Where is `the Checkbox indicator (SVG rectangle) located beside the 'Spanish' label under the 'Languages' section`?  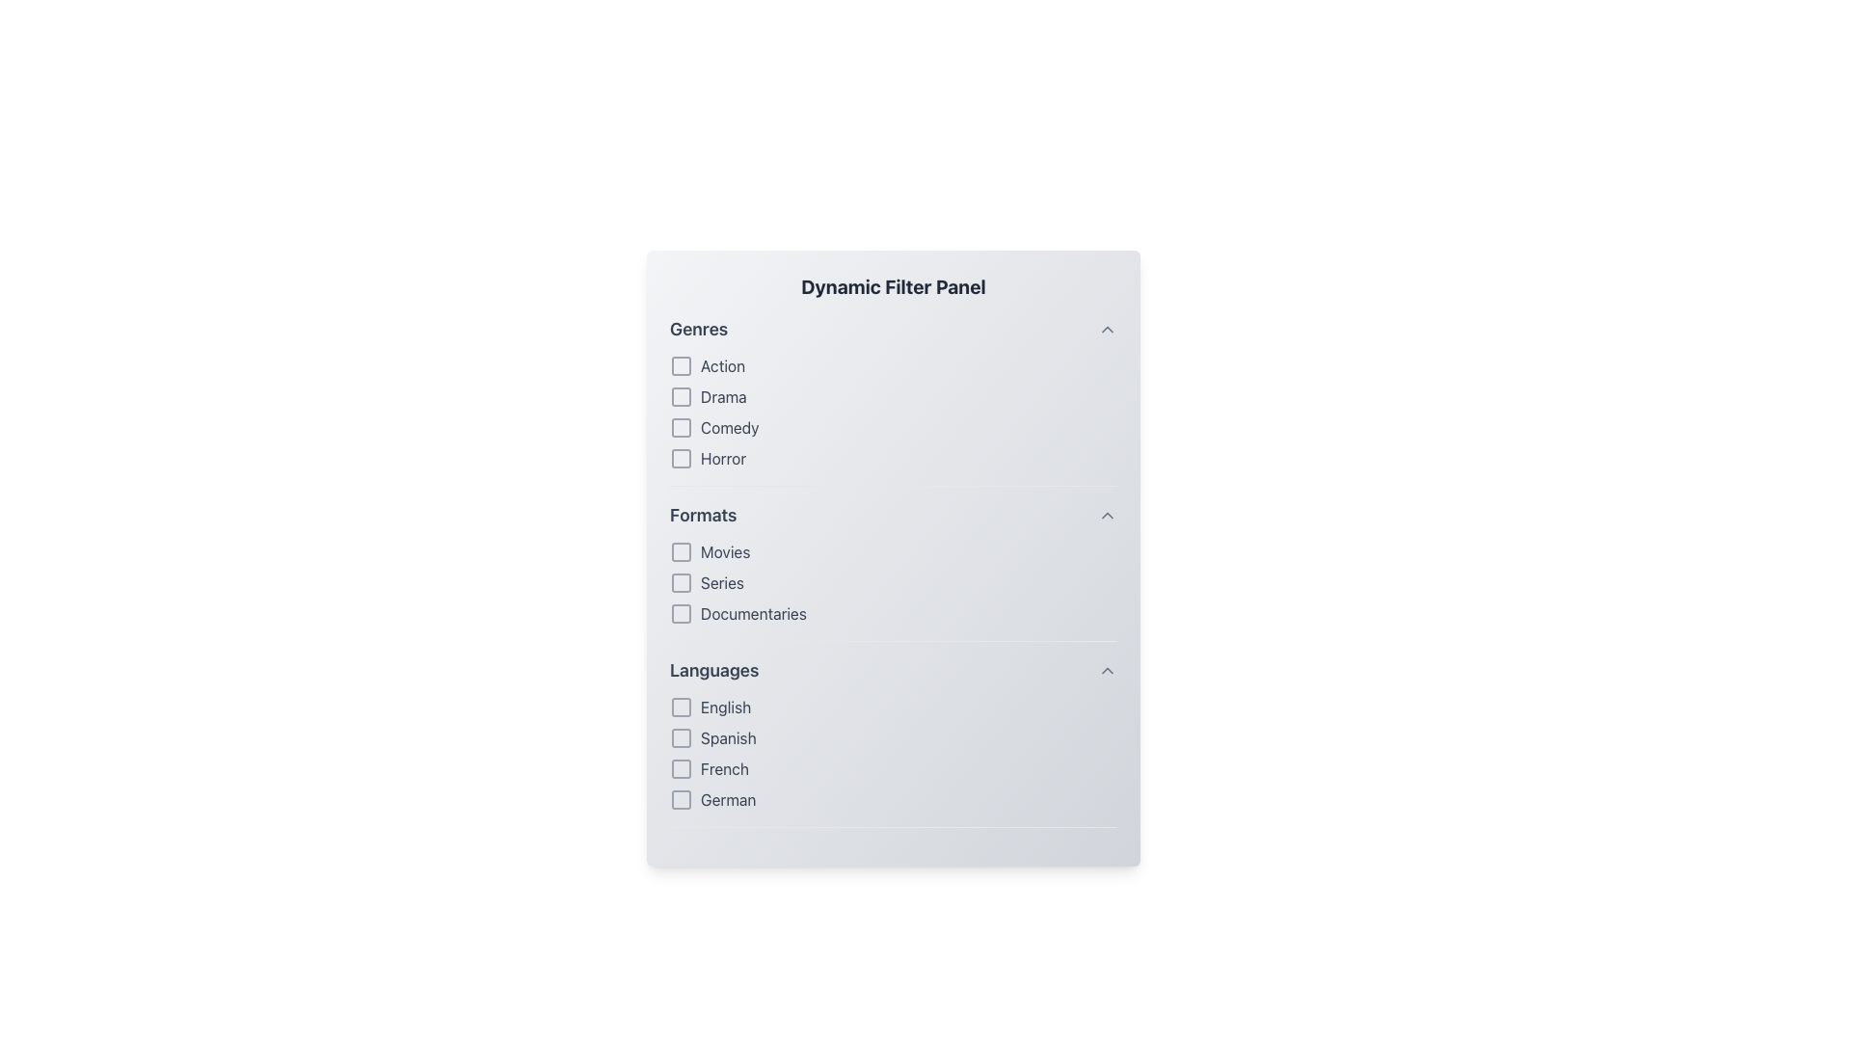 the Checkbox indicator (SVG rectangle) located beside the 'Spanish' label under the 'Languages' section is located at coordinates (681, 737).